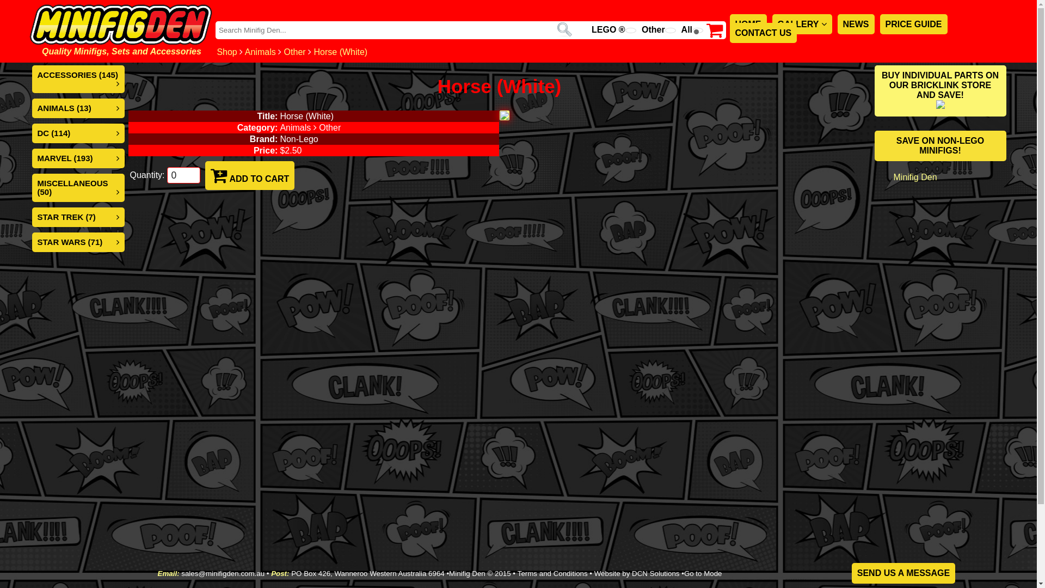  Describe the element at coordinates (914, 24) in the screenshot. I see `'PRICE GUIDE'` at that location.